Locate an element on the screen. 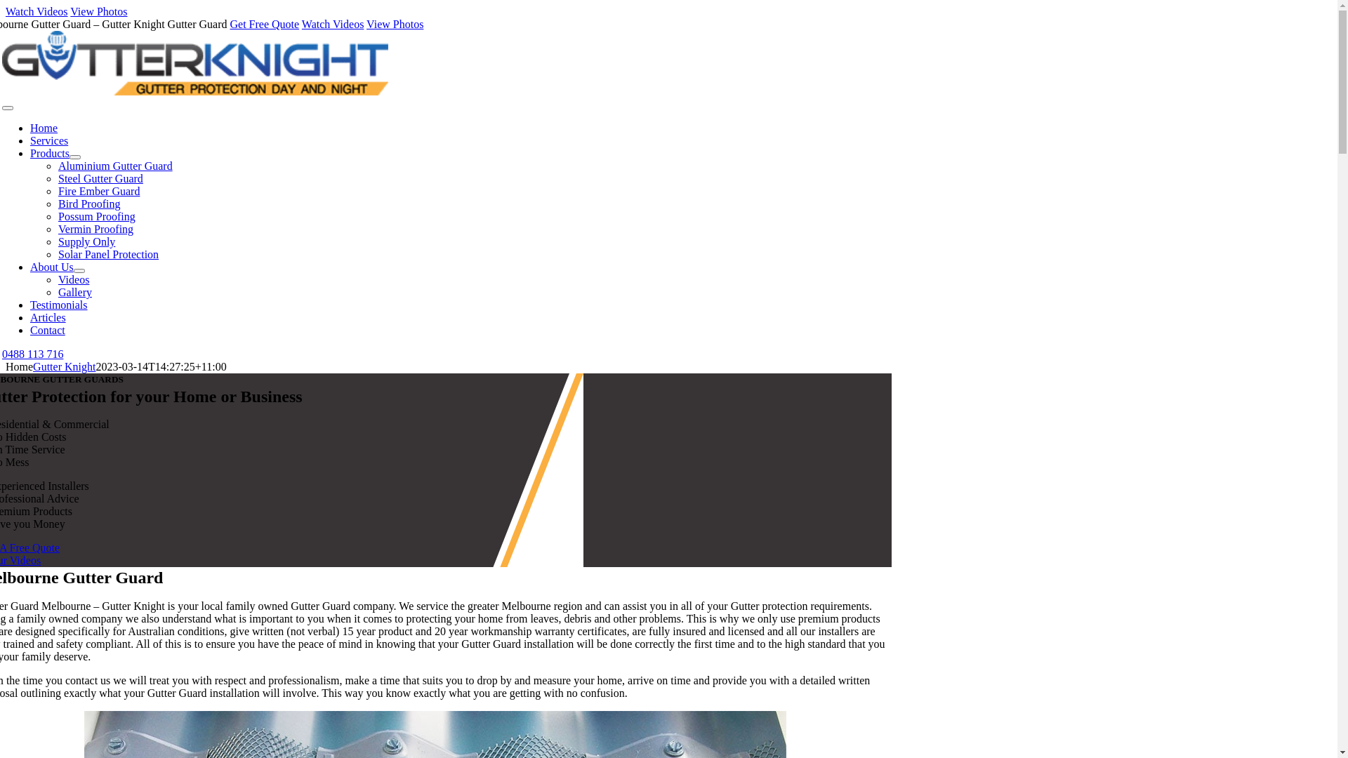  'Testimonials' is located at coordinates (58, 304).